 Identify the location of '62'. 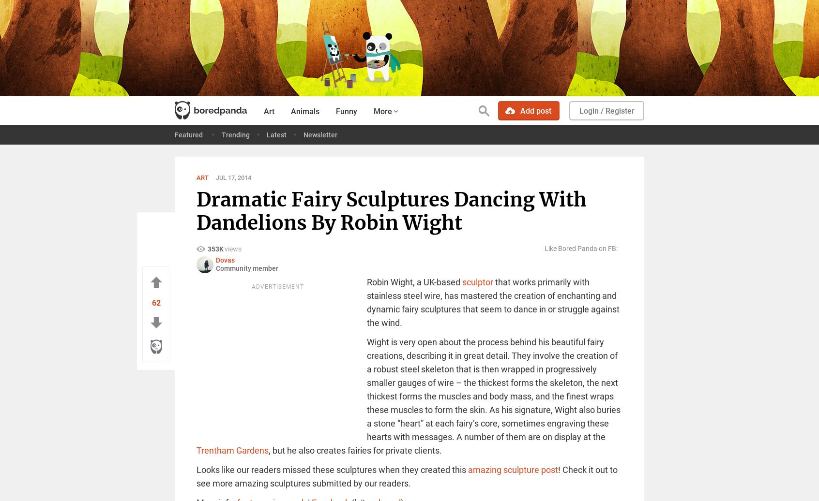
(156, 302).